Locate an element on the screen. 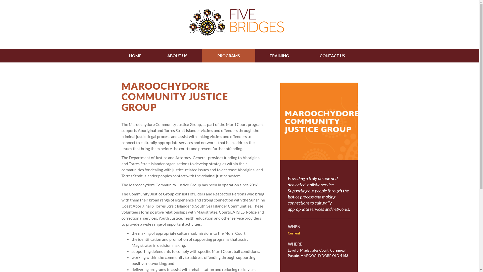  'TRAINING' is located at coordinates (279, 55).